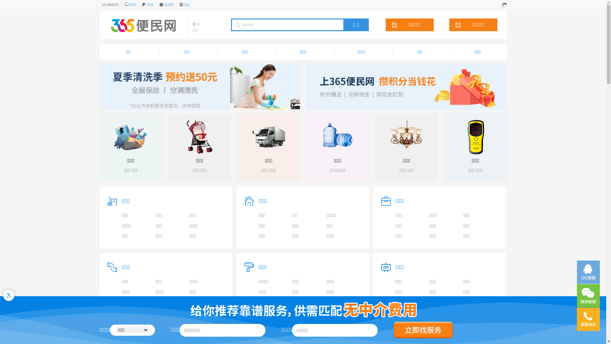 This screenshot has width=611, height=344. Describe the element at coordinates (9, 295) in the screenshot. I see `'X'` at that location.